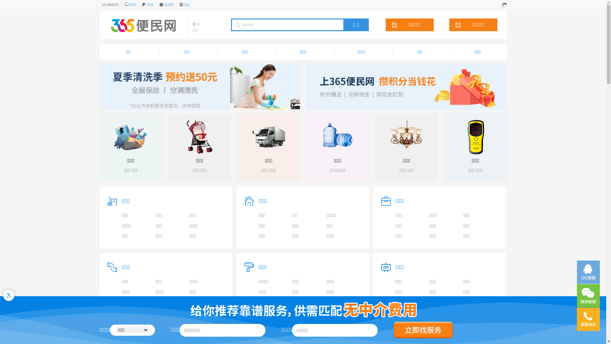 This screenshot has width=611, height=344. Describe the element at coordinates (9, 295) in the screenshot. I see `'X'` at that location.